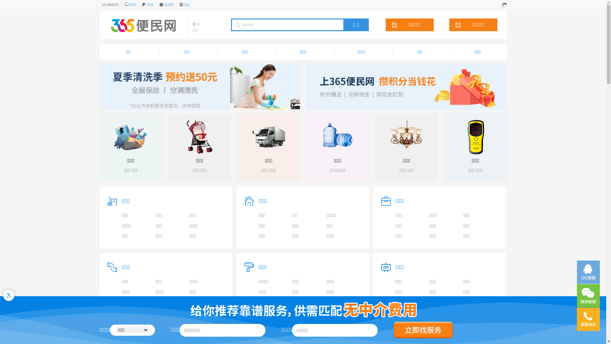 This screenshot has width=611, height=344. Describe the element at coordinates (9, 295) in the screenshot. I see `'X'` at that location.